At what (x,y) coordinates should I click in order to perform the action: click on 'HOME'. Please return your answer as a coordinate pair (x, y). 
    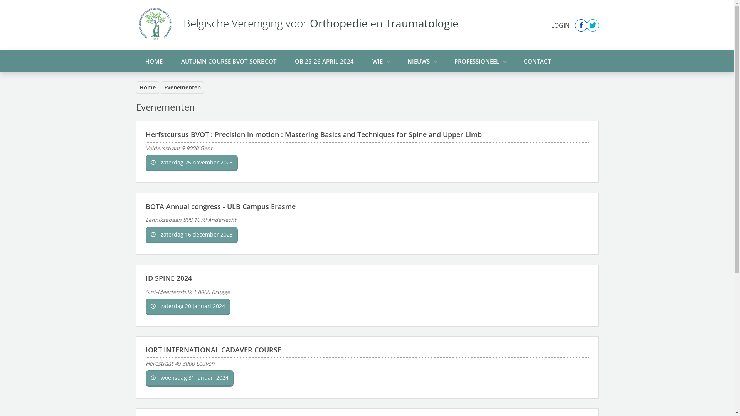
    Looking at the image, I should click on (153, 60).